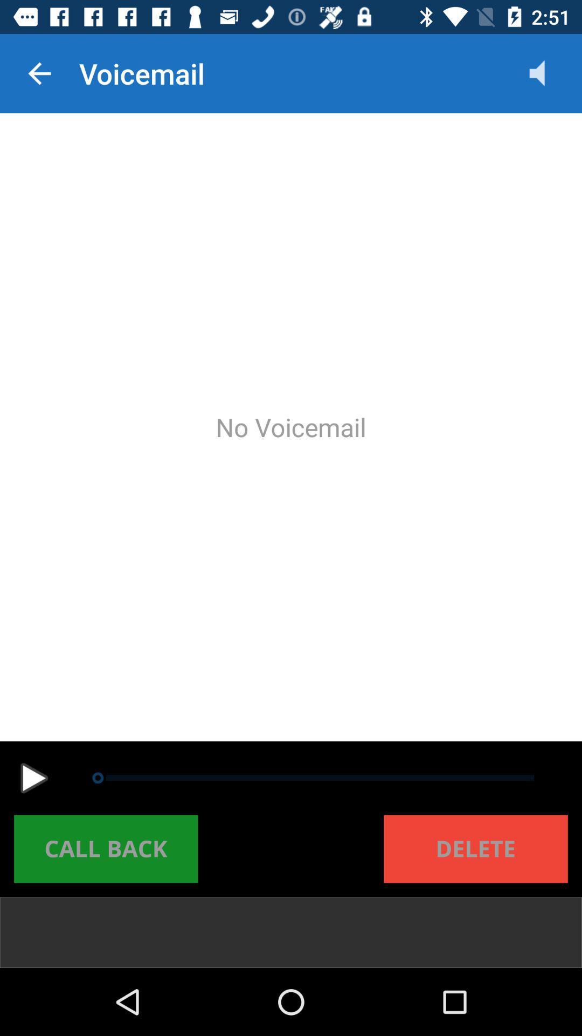  I want to click on the item above the call back, so click(33, 778).